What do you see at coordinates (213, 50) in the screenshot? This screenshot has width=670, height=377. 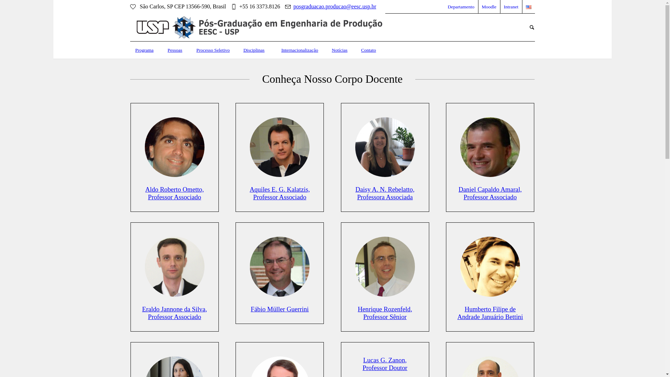 I see `'Processo Seletivo'` at bounding box center [213, 50].